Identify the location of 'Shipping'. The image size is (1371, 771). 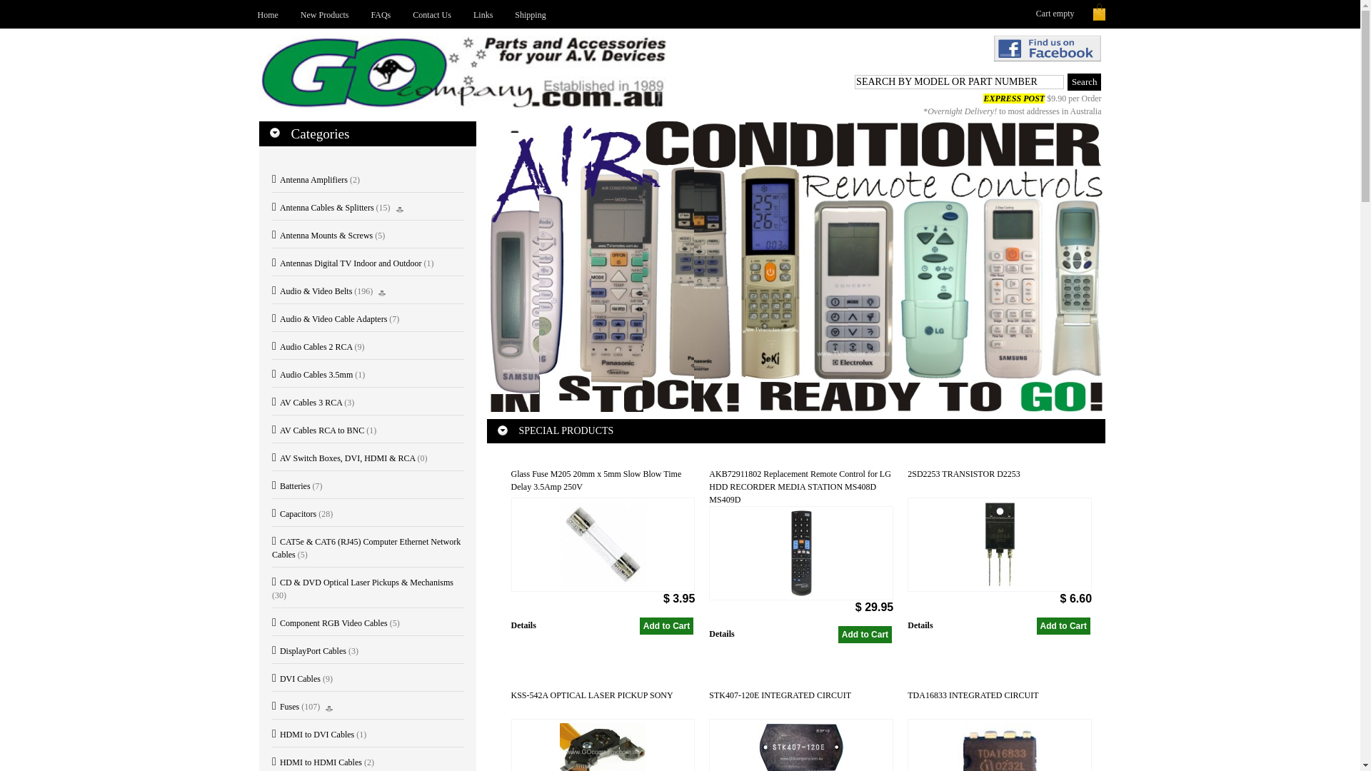
(529, 14).